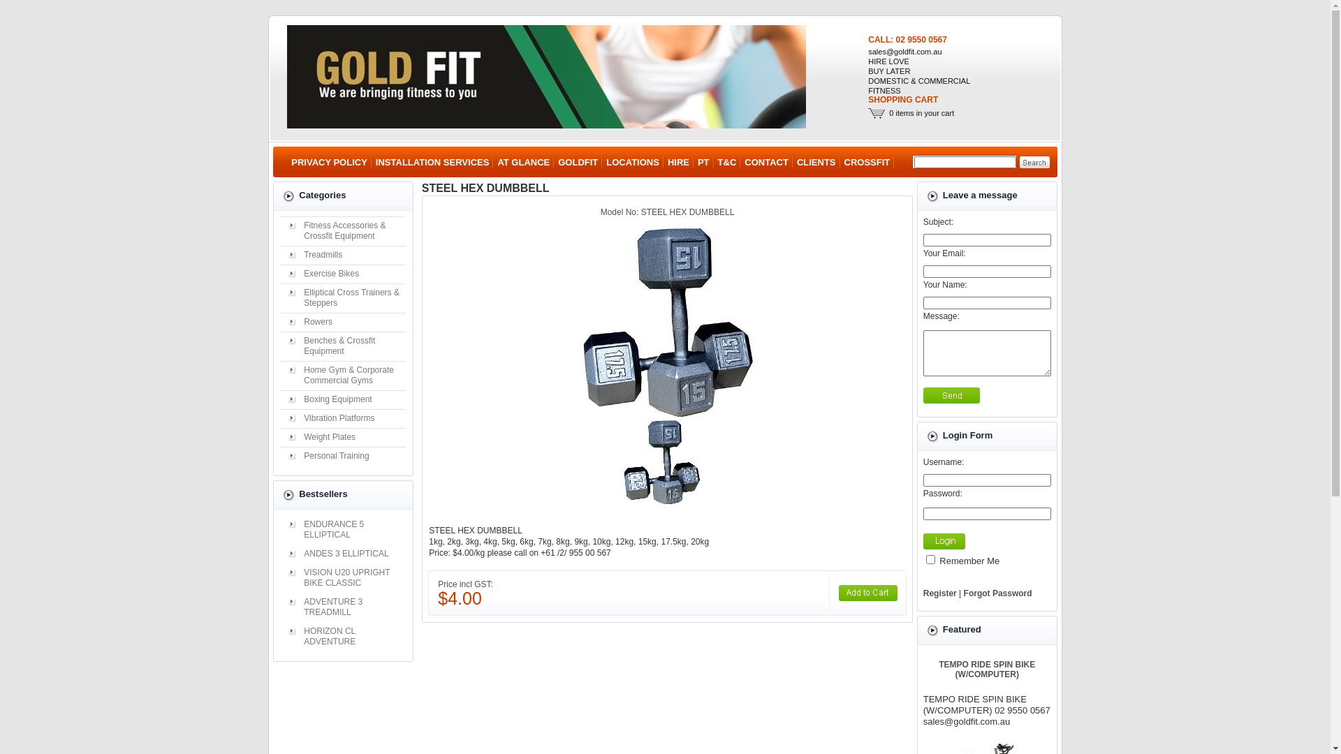  What do you see at coordinates (343, 322) in the screenshot?
I see `'Rowers'` at bounding box center [343, 322].